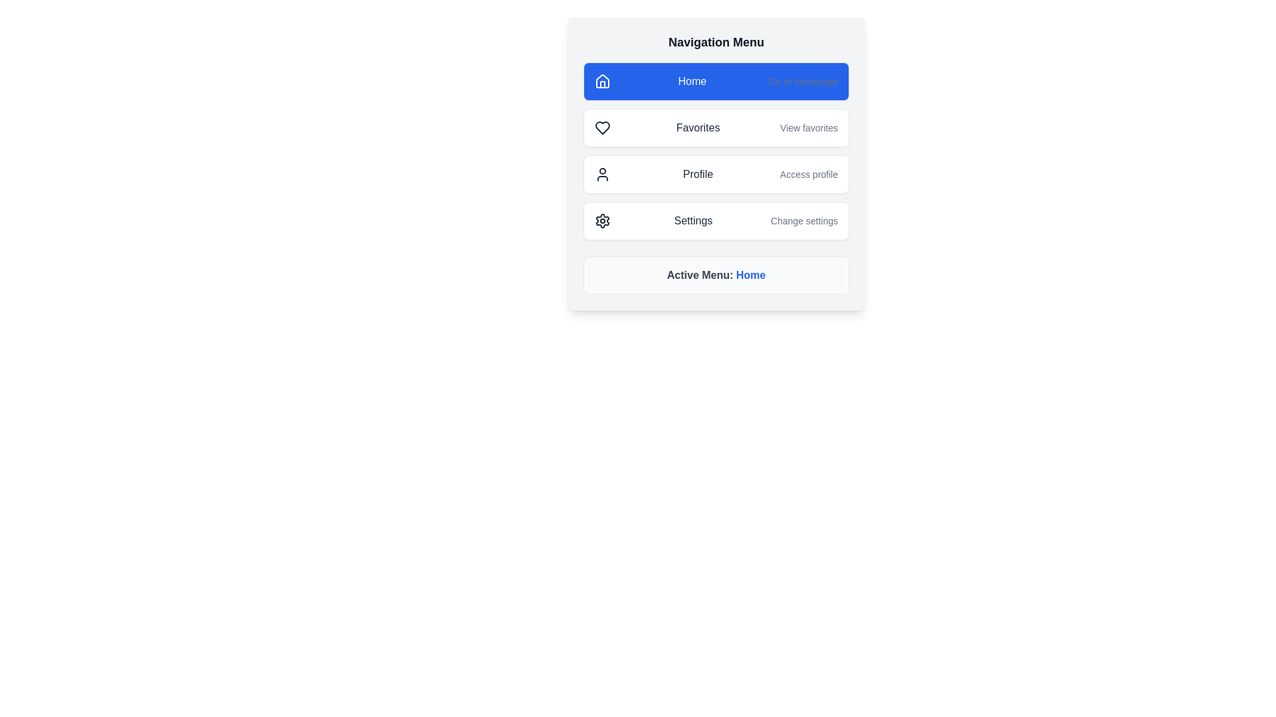 The height and width of the screenshot is (717, 1276). I want to click on the third button-like navigation menu entry for accessing the profile section of the application, so click(716, 173).